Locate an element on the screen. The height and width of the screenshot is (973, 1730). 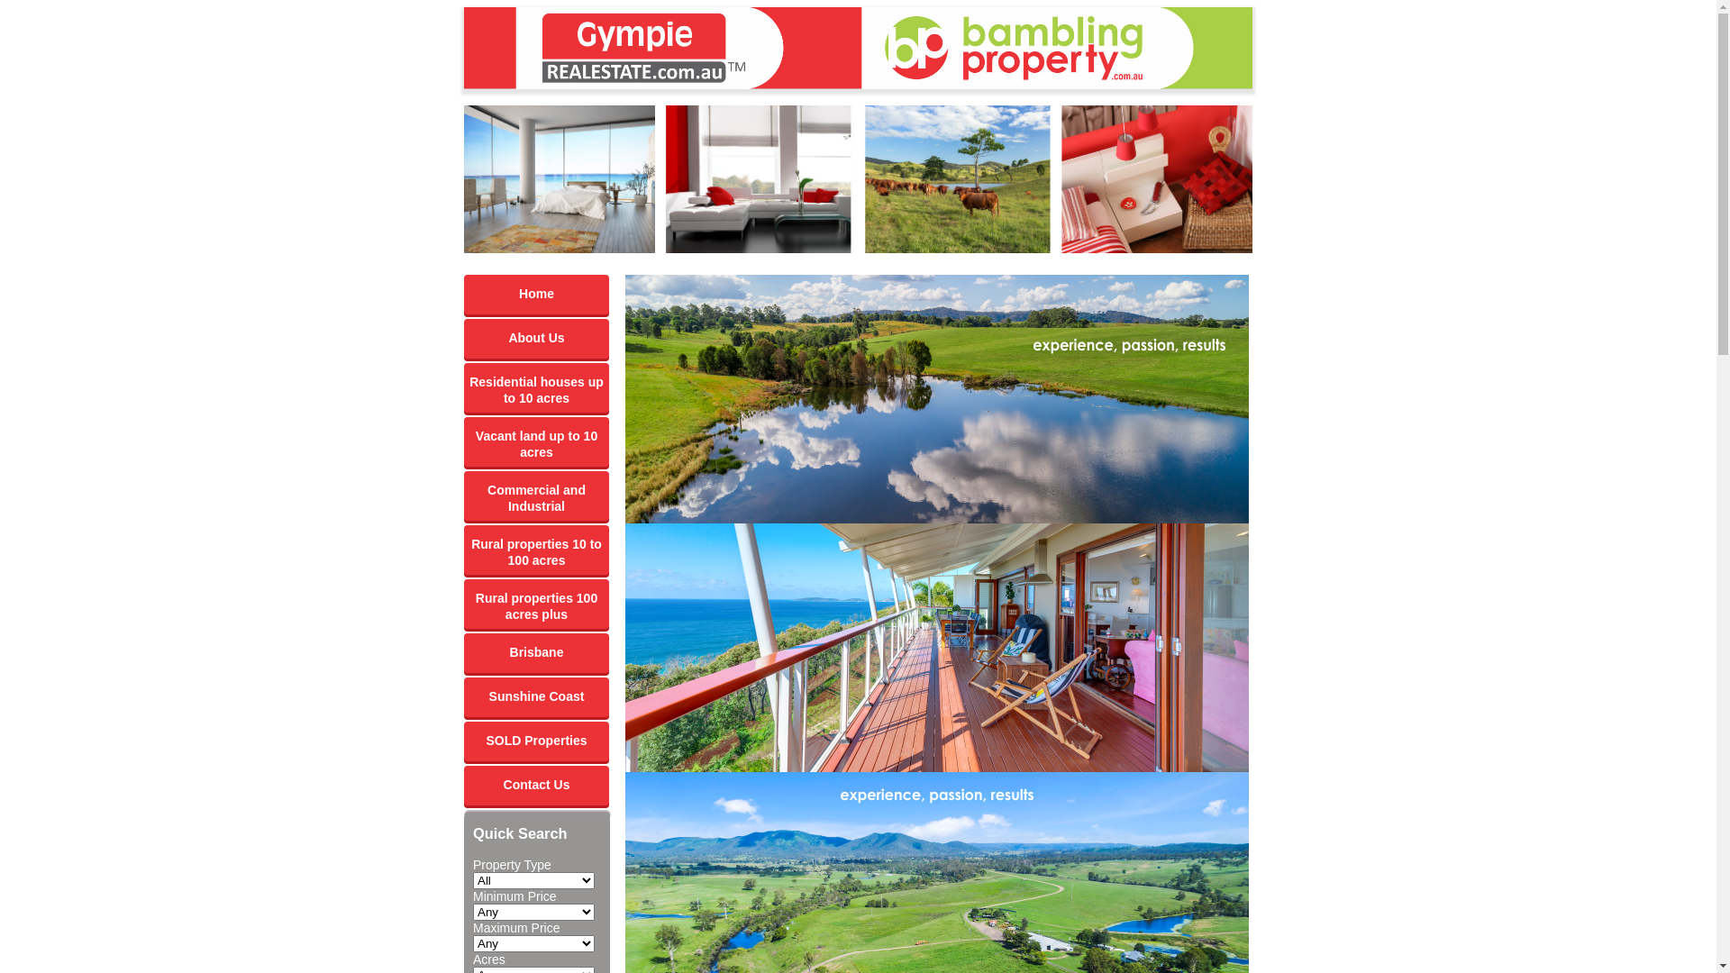
'Vacant land up to 10 acres' is located at coordinates (463, 441).